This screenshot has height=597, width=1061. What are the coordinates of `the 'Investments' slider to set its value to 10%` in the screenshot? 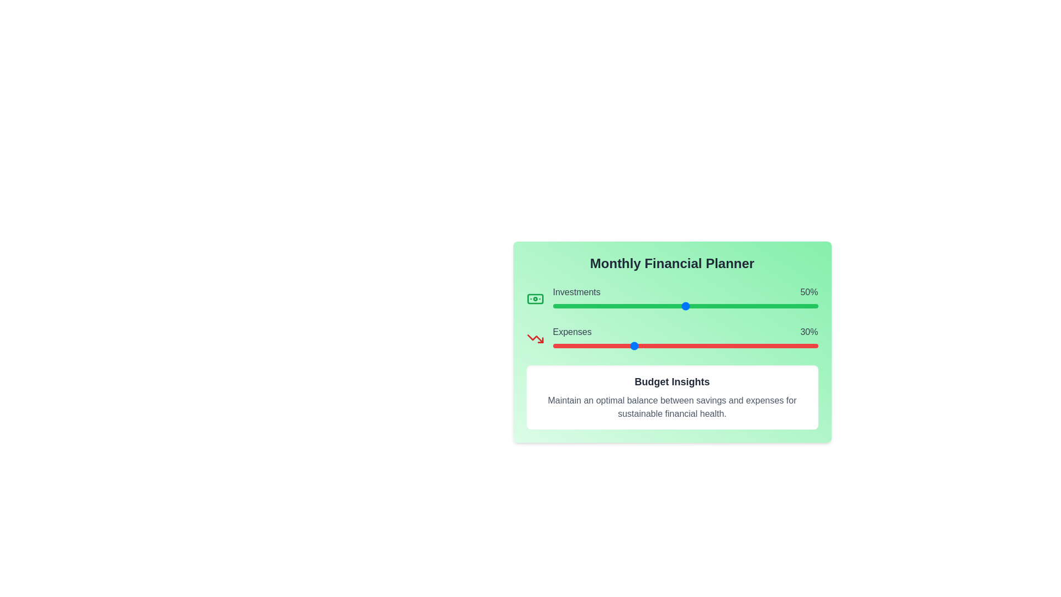 It's located at (579, 306).